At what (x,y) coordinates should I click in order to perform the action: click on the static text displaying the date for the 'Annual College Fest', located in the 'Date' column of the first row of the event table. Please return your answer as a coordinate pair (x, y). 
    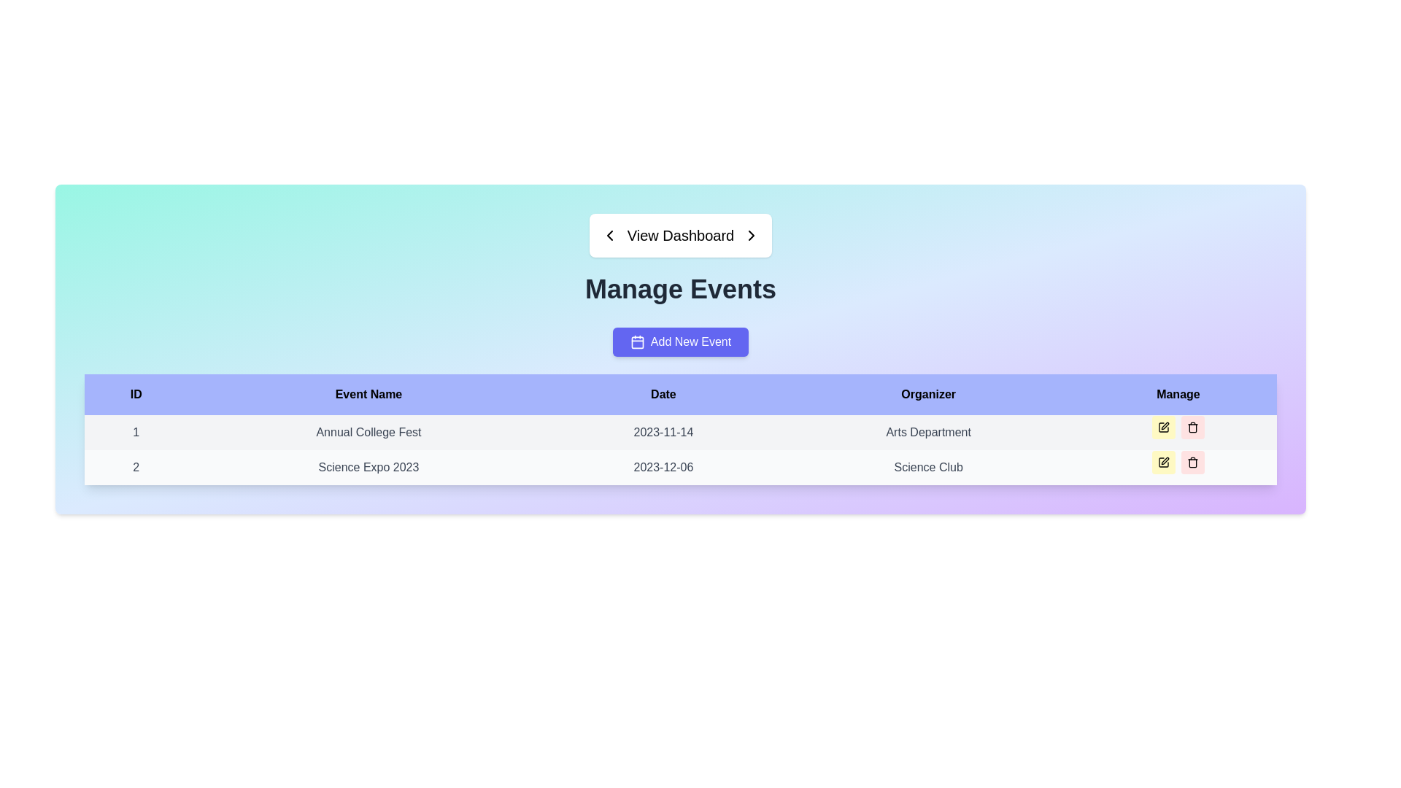
    Looking at the image, I should click on (663, 432).